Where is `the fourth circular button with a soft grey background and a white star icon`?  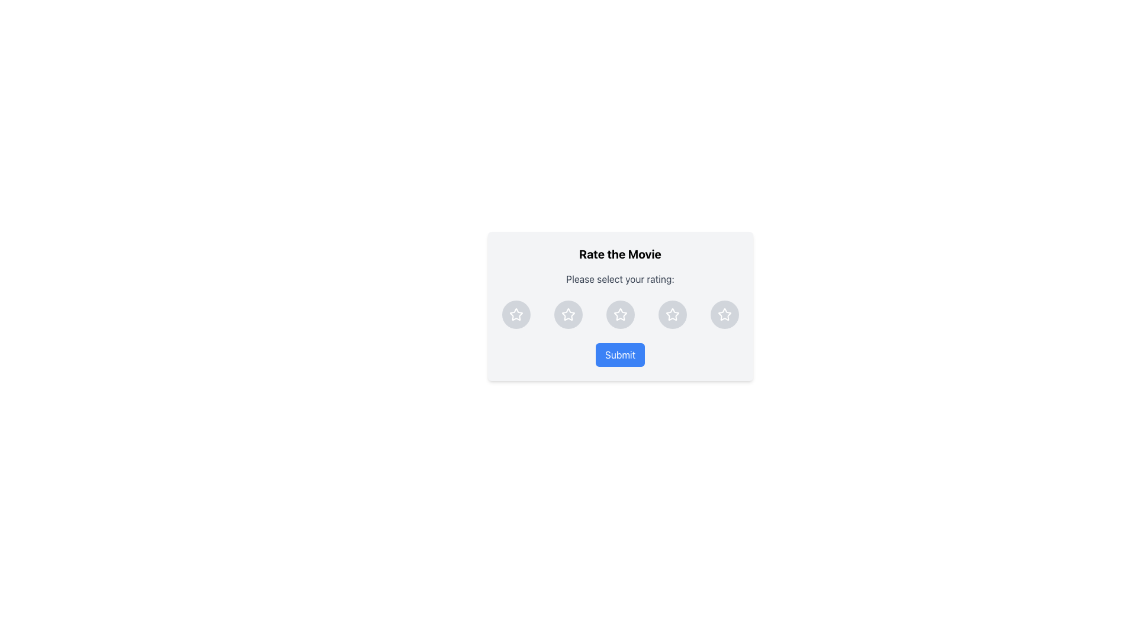 the fourth circular button with a soft grey background and a white star icon is located at coordinates (672, 314).